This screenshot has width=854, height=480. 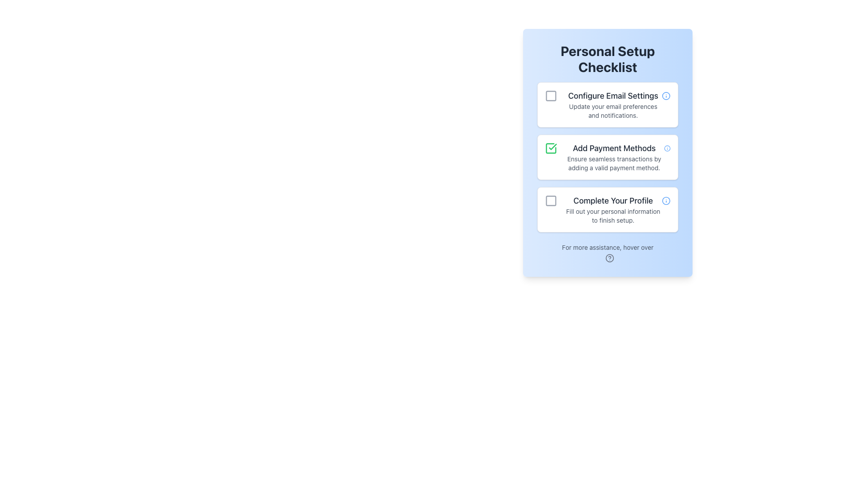 I want to click on the section header Text Label that introduces the corresponding action for users, located in the middle checklist card, surrounded by a checkmark icon to the left and explanatory text below, so click(x=614, y=148).